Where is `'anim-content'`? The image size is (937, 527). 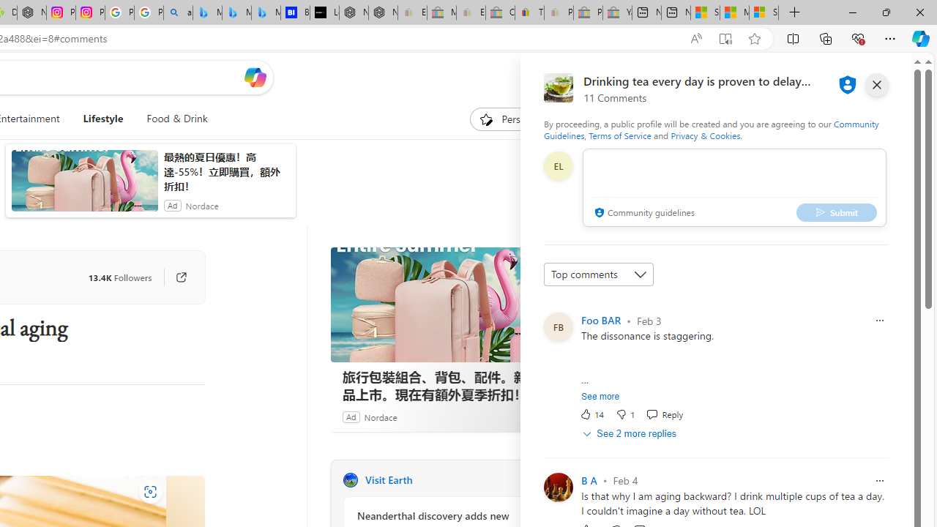 'anim-content' is located at coordinates (83, 186).